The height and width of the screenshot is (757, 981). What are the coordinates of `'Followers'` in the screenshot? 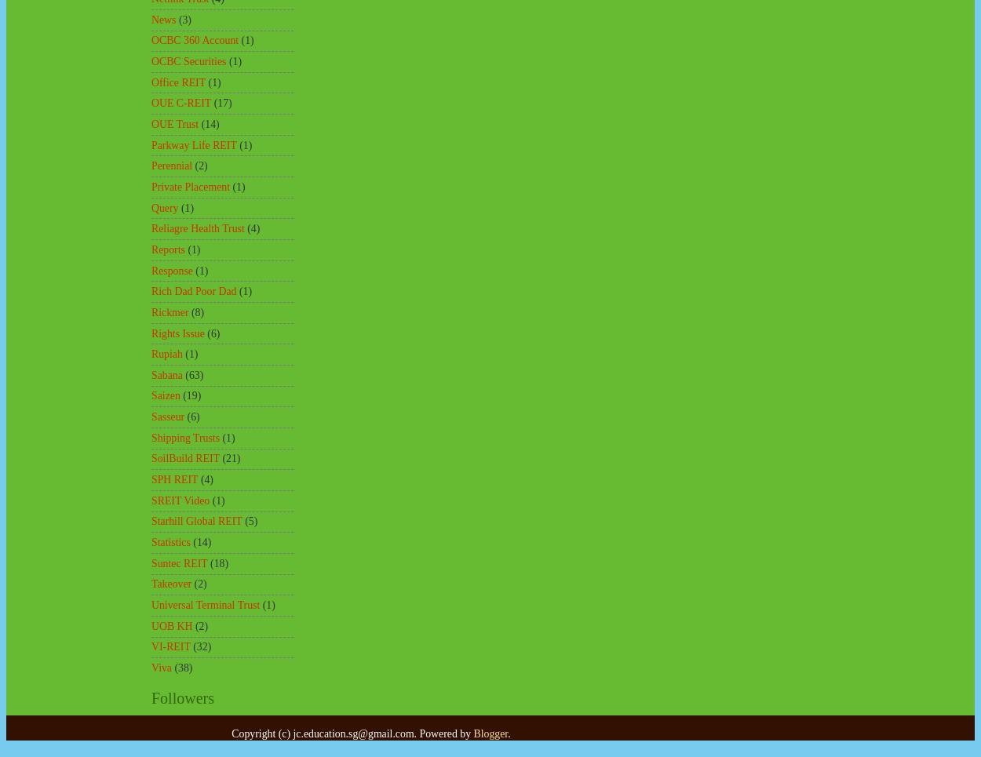 It's located at (151, 697).